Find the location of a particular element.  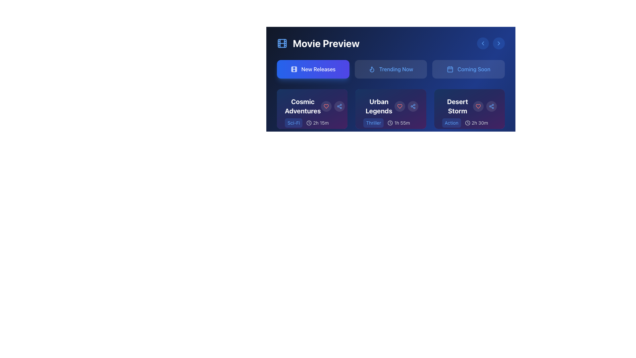

the 'Trending Now' text label, which is styled in medium-sized blue sans-serif font and located between the 'New Releases' button and 'Coming Soon' button, with a flame icon to its left is located at coordinates (396, 69).